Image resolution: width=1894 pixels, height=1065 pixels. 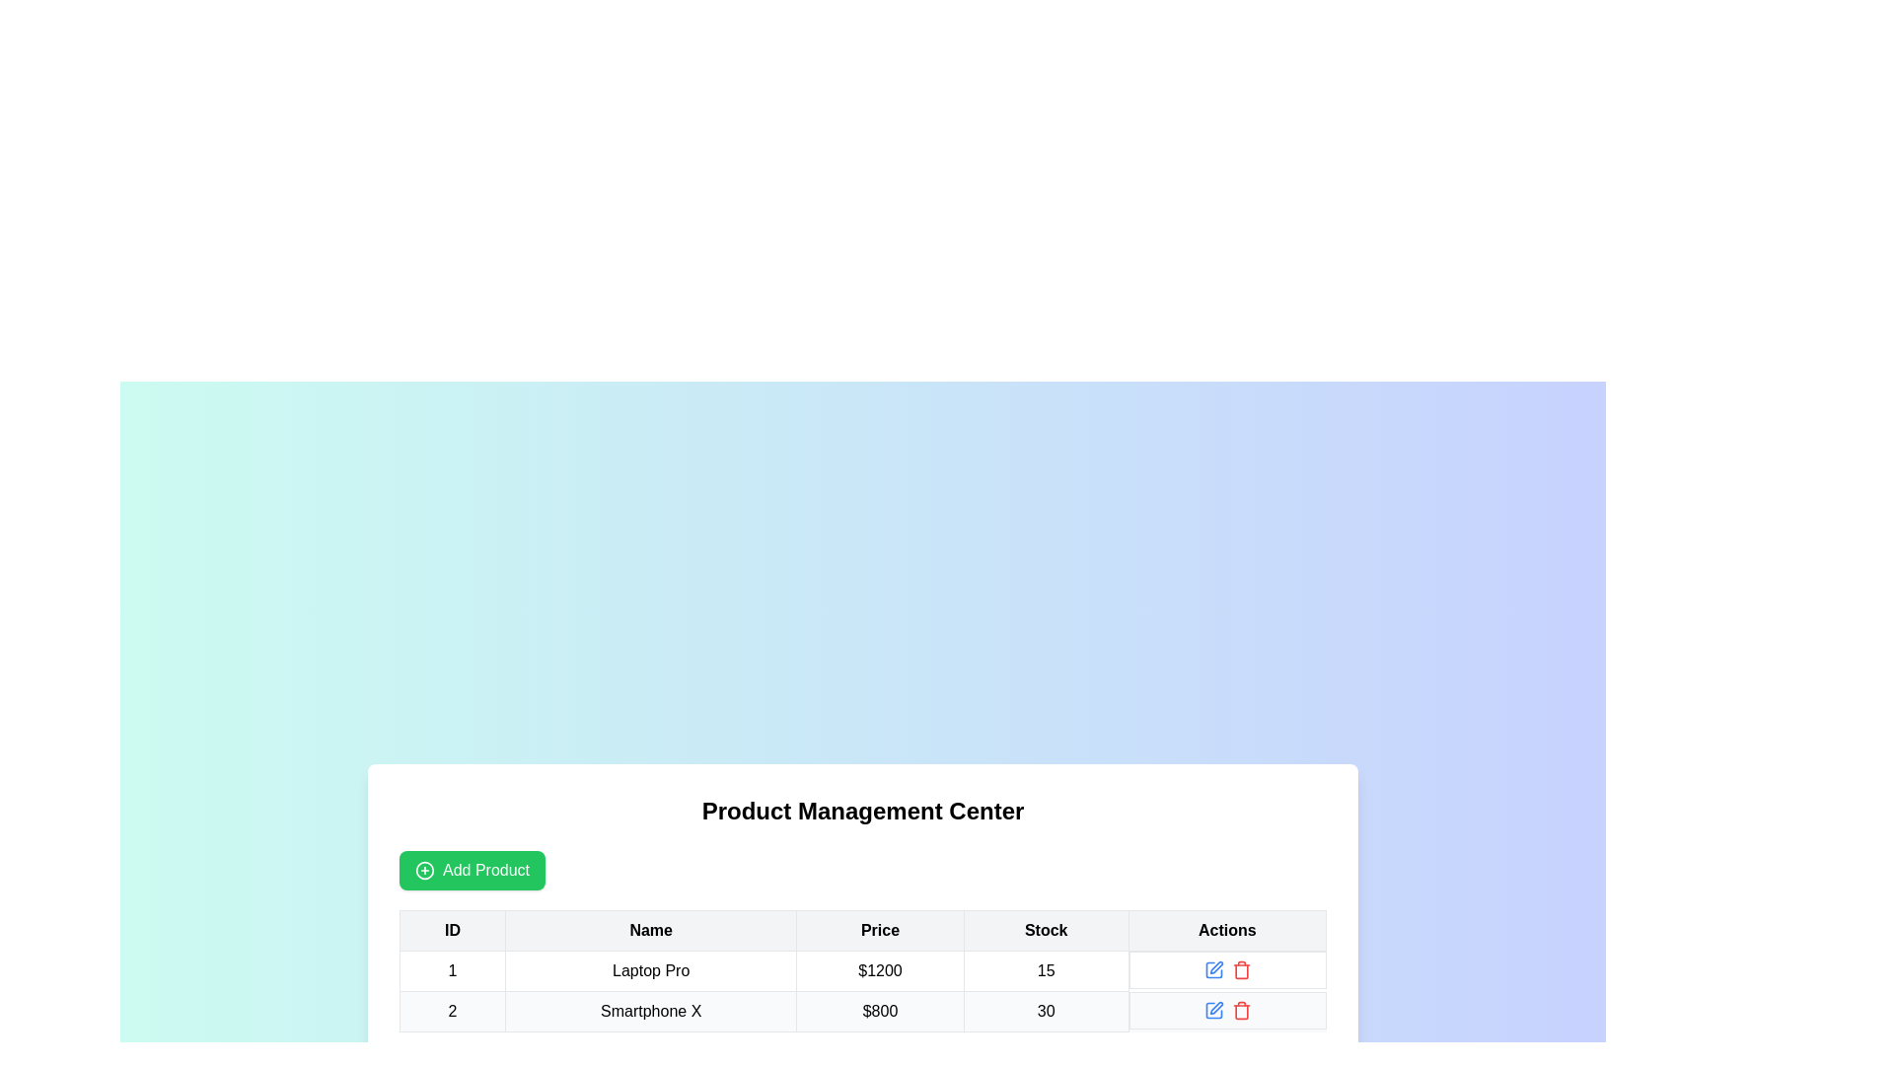 I want to click on the Table Header Cell that indicates the column contains information about IDs, so click(x=452, y=931).